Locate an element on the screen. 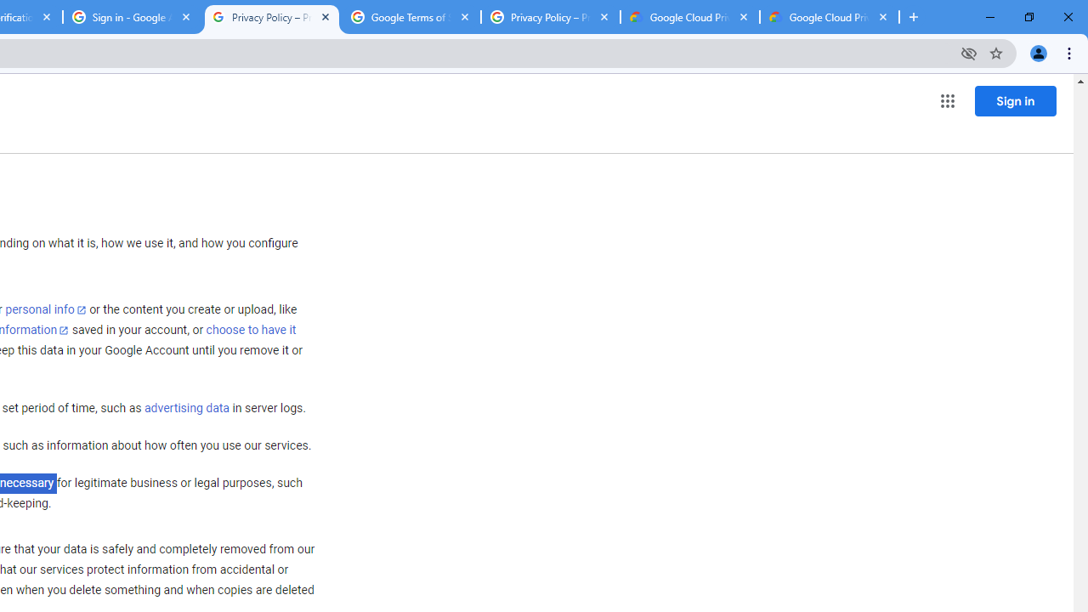 The width and height of the screenshot is (1088, 612). 'Sign in - Google Accounts' is located at coordinates (132, 17).